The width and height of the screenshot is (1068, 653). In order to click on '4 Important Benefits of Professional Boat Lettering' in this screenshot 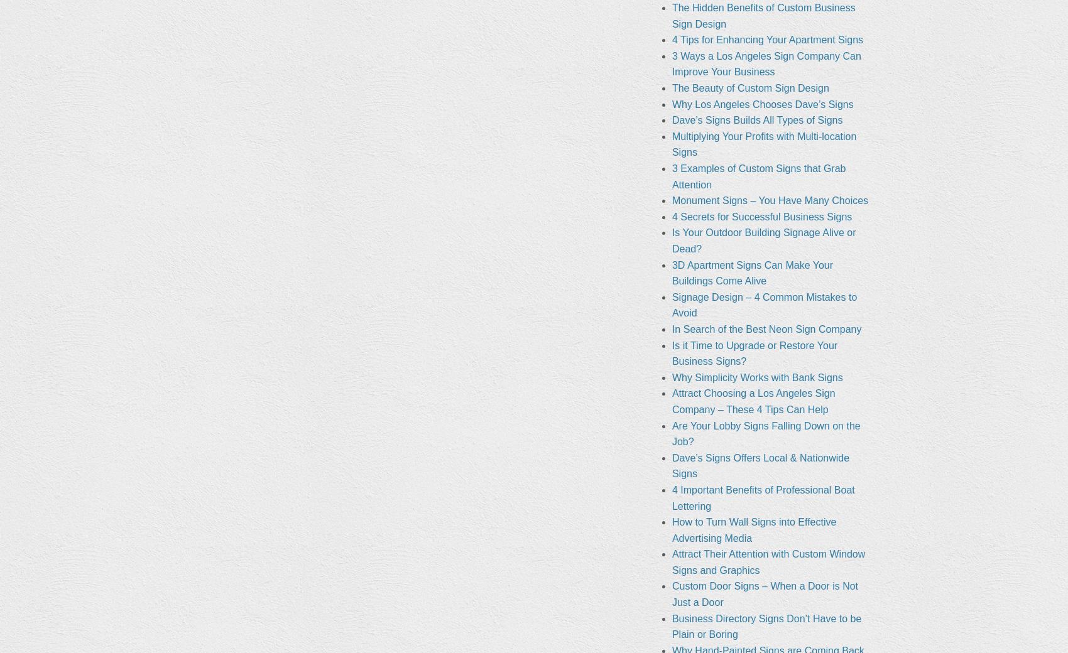, I will do `click(762, 497)`.